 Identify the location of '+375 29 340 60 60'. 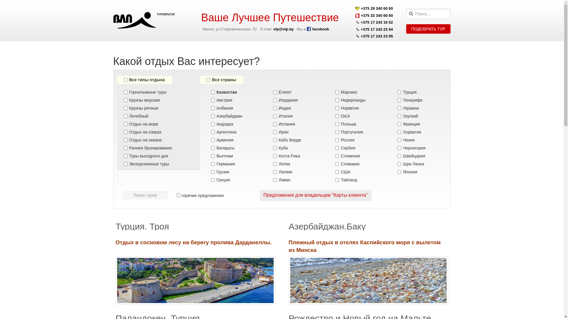
(377, 8).